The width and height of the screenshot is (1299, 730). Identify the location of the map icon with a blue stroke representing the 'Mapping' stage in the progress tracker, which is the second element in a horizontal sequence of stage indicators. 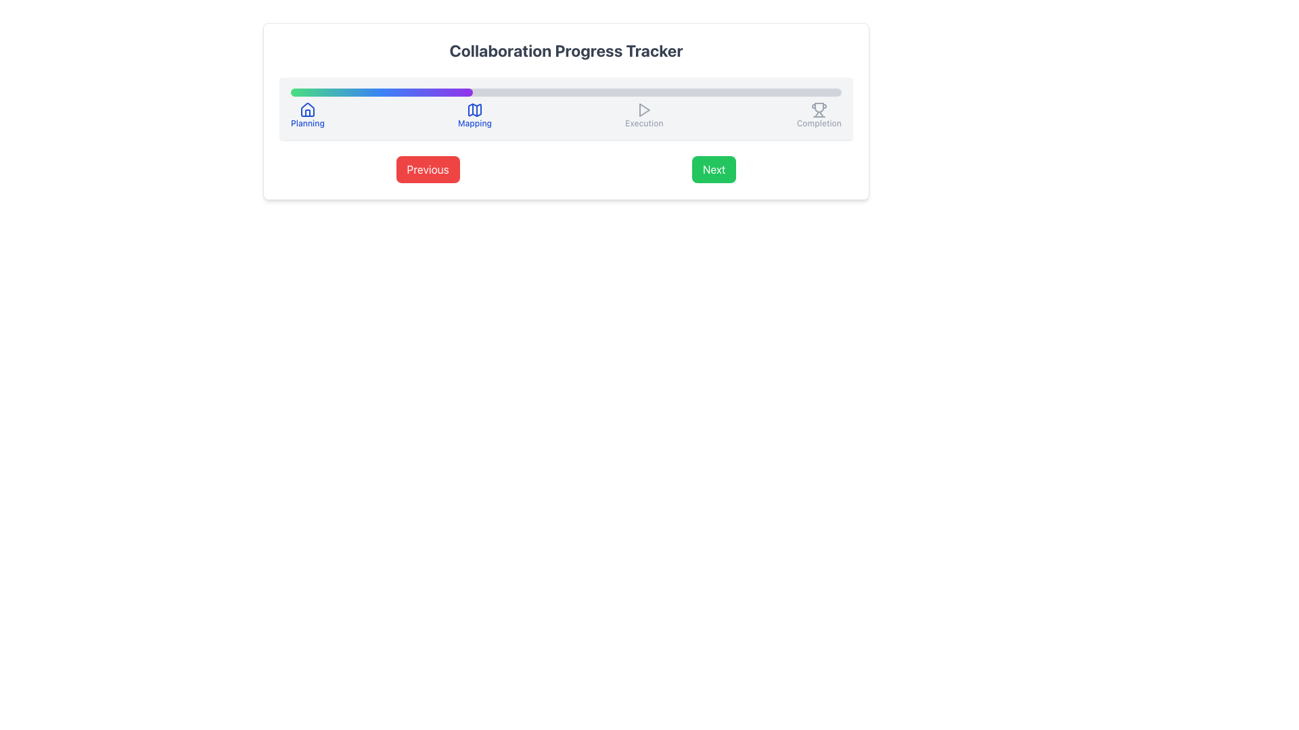
(474, 109).